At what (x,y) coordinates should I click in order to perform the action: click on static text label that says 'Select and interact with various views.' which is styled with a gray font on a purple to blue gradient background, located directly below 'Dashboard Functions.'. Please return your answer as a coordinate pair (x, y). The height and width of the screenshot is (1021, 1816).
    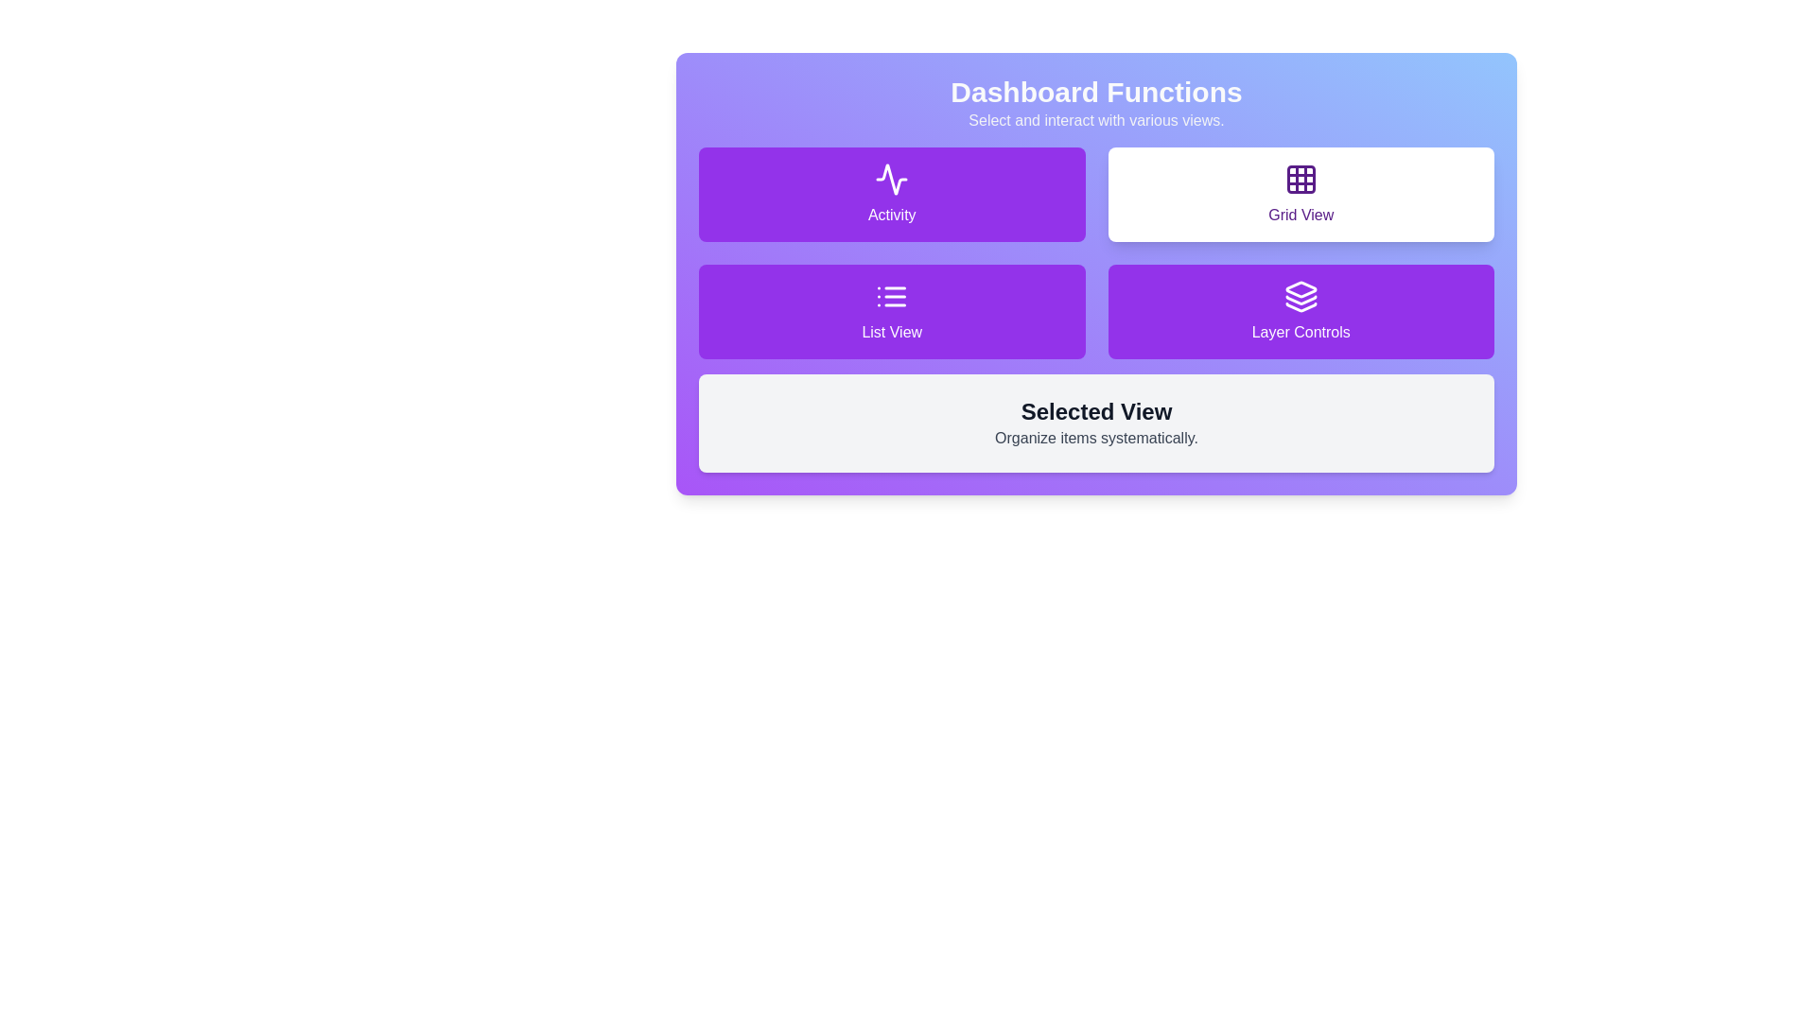
    Looking at the image, I should click on (1096, 120).